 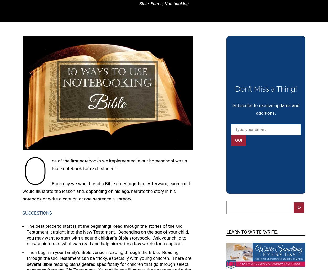 What do you see at coordinates (266, 109) in the screenshot?
I see `'Subscribe to receive updates and additions.'` at bounding box center [266, 109].